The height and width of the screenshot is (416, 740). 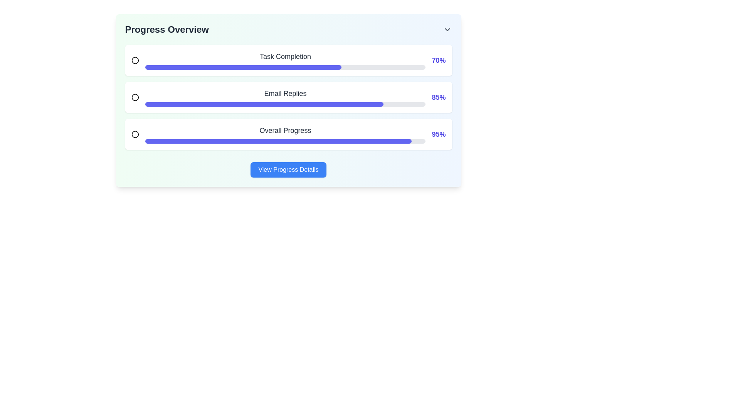 I want to click on the Progress Indicator located below the 'Progress Overview' header, which visually represents task metrics including 'Task Completion', 'Email Replies', and 'Overall Progress', so click(x=288, y=97).